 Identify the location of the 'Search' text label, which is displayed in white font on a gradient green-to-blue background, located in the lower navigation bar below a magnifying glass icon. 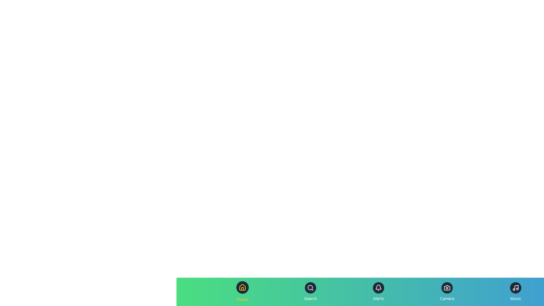
(310, 298).